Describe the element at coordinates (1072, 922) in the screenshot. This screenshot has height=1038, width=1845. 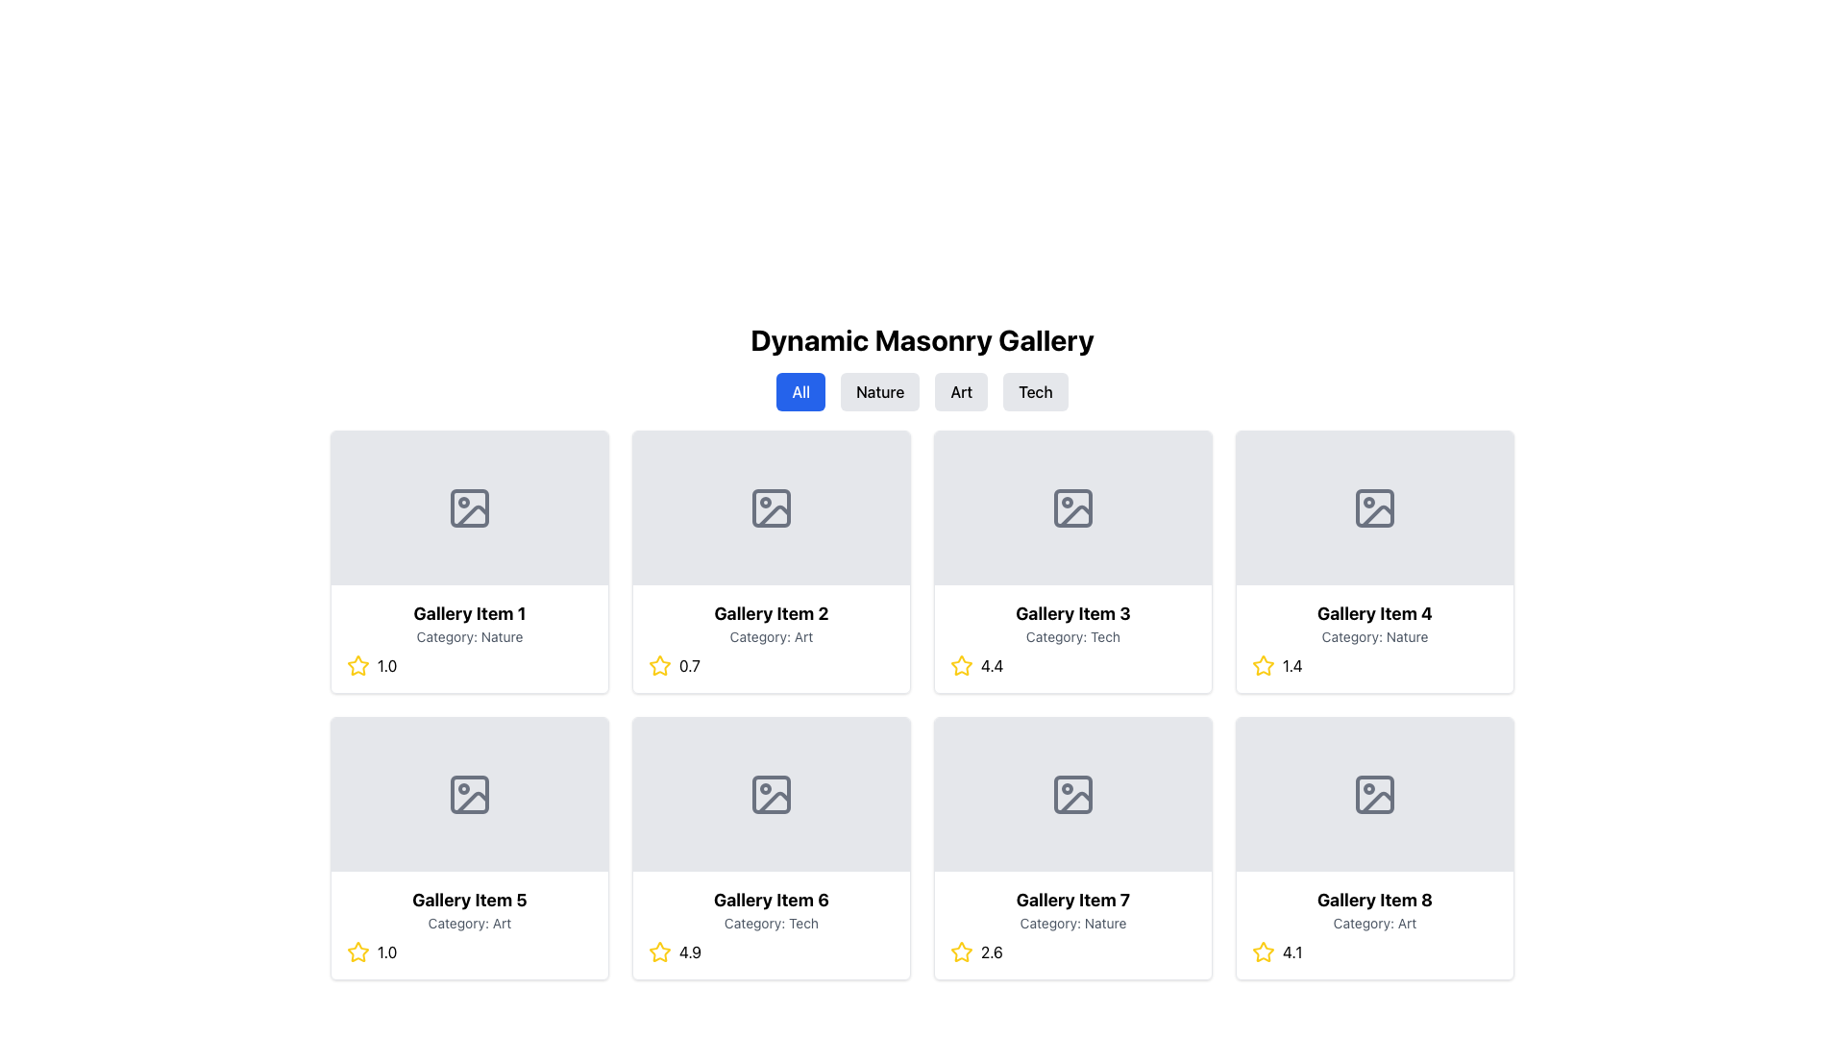
I see `the informational Text label indicating the category of the corresponding gallery item, which is located below the title 'Gallery Item 7' and above the rating section within the card for 'Gallery Item 7'` at that location.